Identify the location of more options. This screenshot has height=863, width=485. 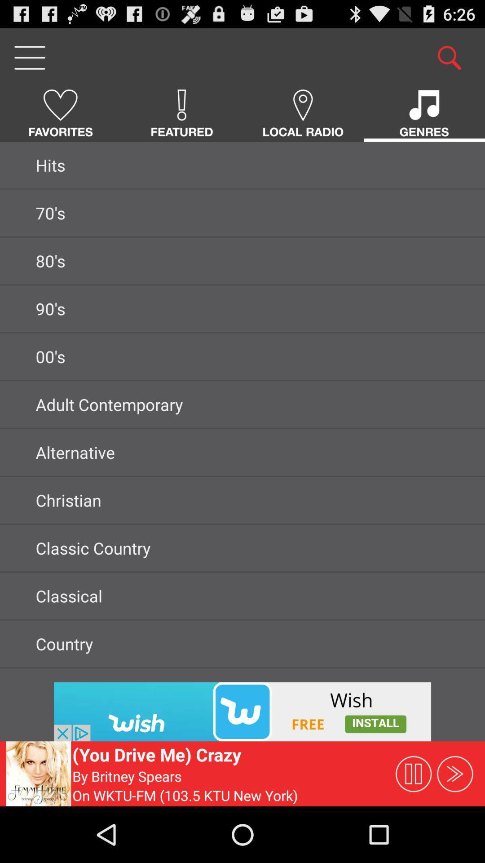
(29, 57).